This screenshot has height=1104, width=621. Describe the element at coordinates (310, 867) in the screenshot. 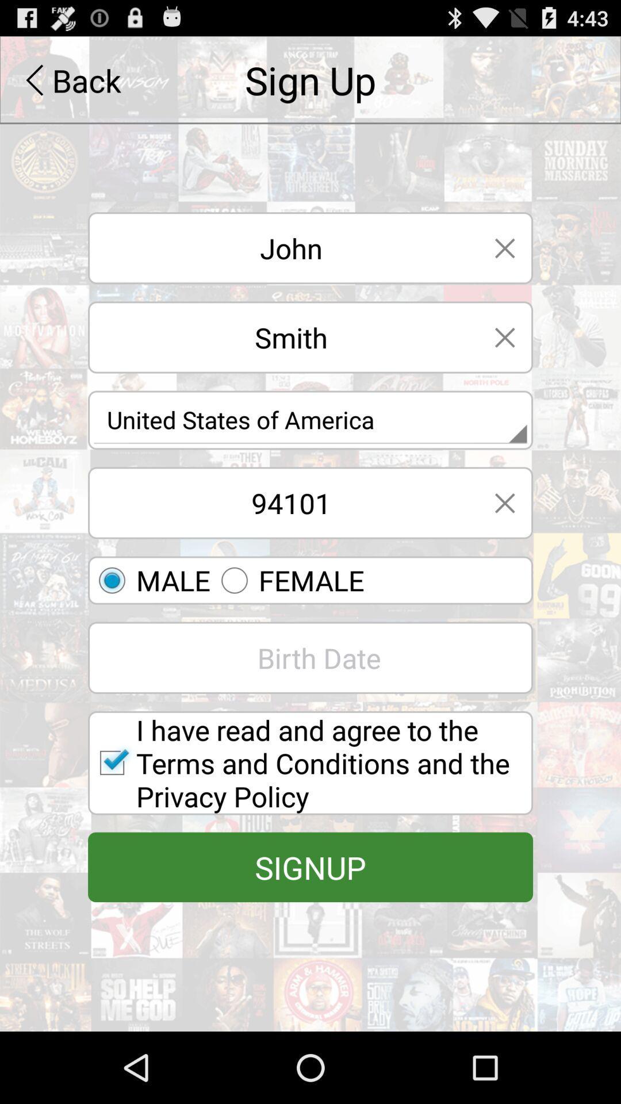

I see `signup` at that location.